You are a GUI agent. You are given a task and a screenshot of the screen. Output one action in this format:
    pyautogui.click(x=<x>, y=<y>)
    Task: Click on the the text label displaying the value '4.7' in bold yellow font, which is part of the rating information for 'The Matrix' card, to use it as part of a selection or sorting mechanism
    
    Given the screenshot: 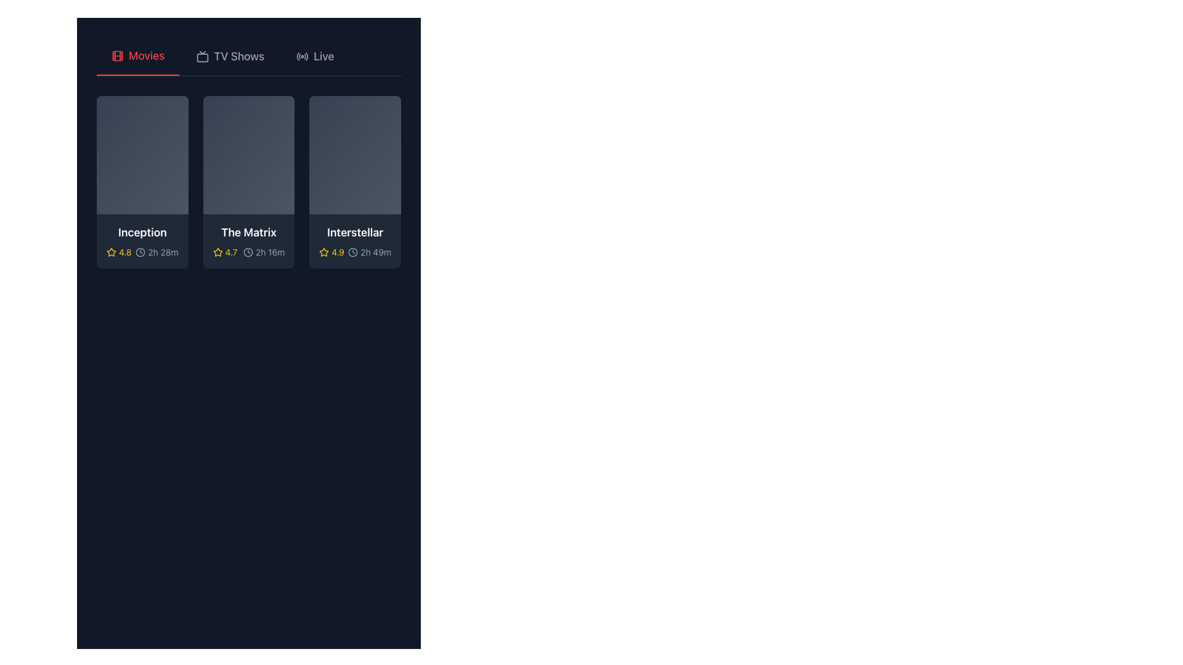 What is the action you would take?
    pyautogui.click(x=231, y=251)
    